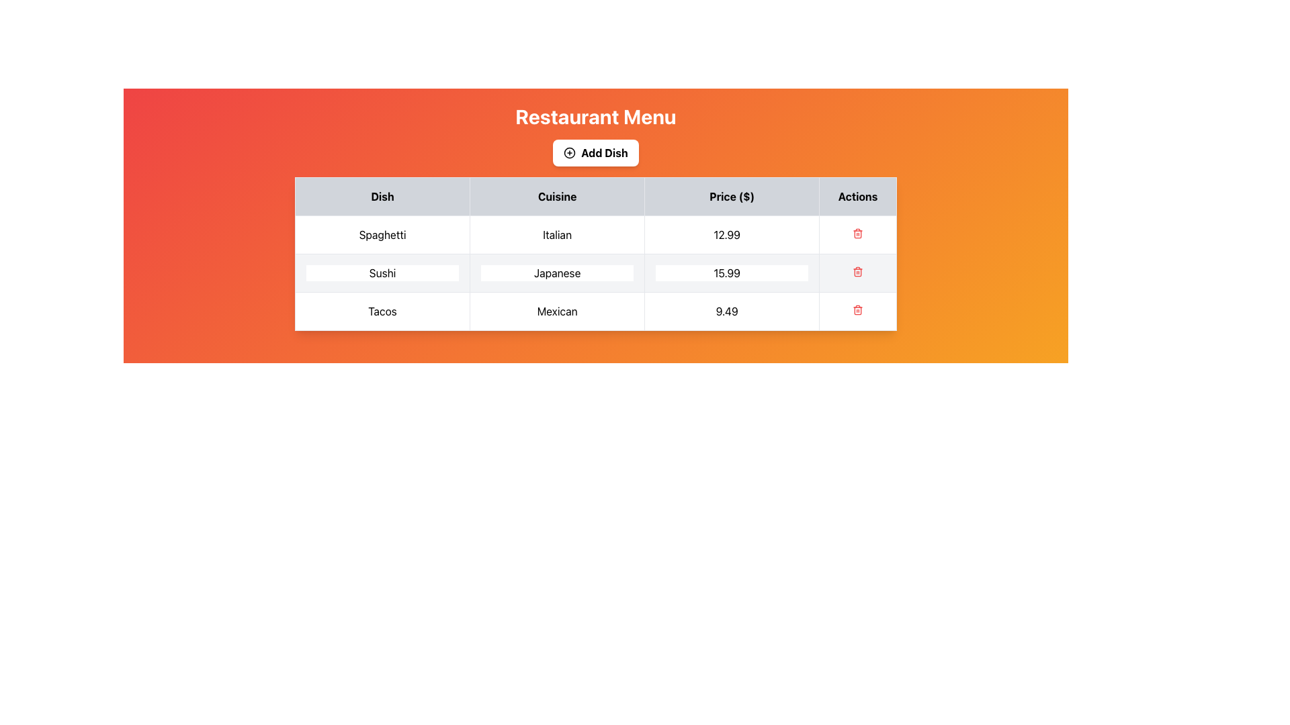 This screenshot has height=725, width=1290. Describe the element at coordinates (595, 115) in the screenshot. I see `the header text displaying 'Restaurant Menu', which is prominently positioned at the top section of the page and centrally aligned above the 'Add Dish' button` at that location.